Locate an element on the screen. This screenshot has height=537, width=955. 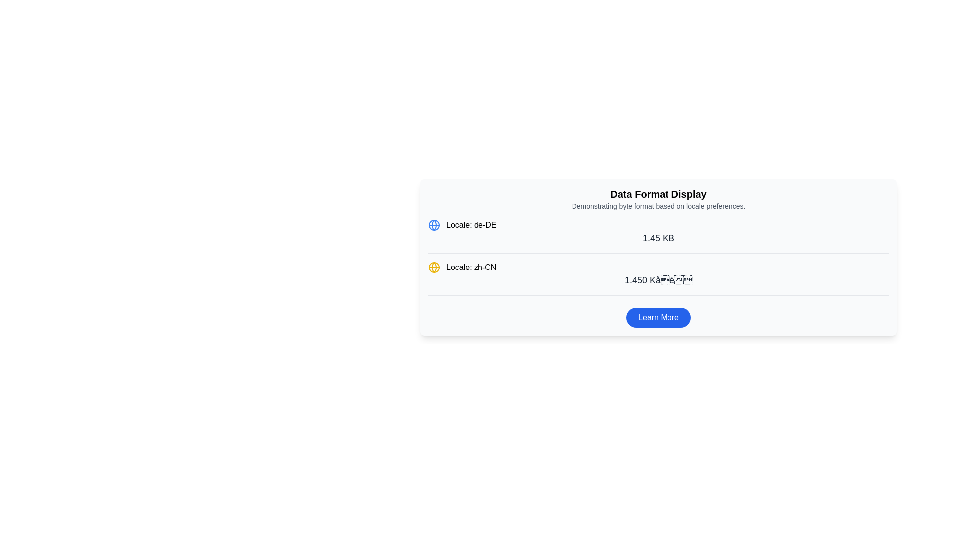
the button located at the center-bottom of the light gray rounded panel that provides additional information or actions related to the presented data is located at coordinates (659, 318).